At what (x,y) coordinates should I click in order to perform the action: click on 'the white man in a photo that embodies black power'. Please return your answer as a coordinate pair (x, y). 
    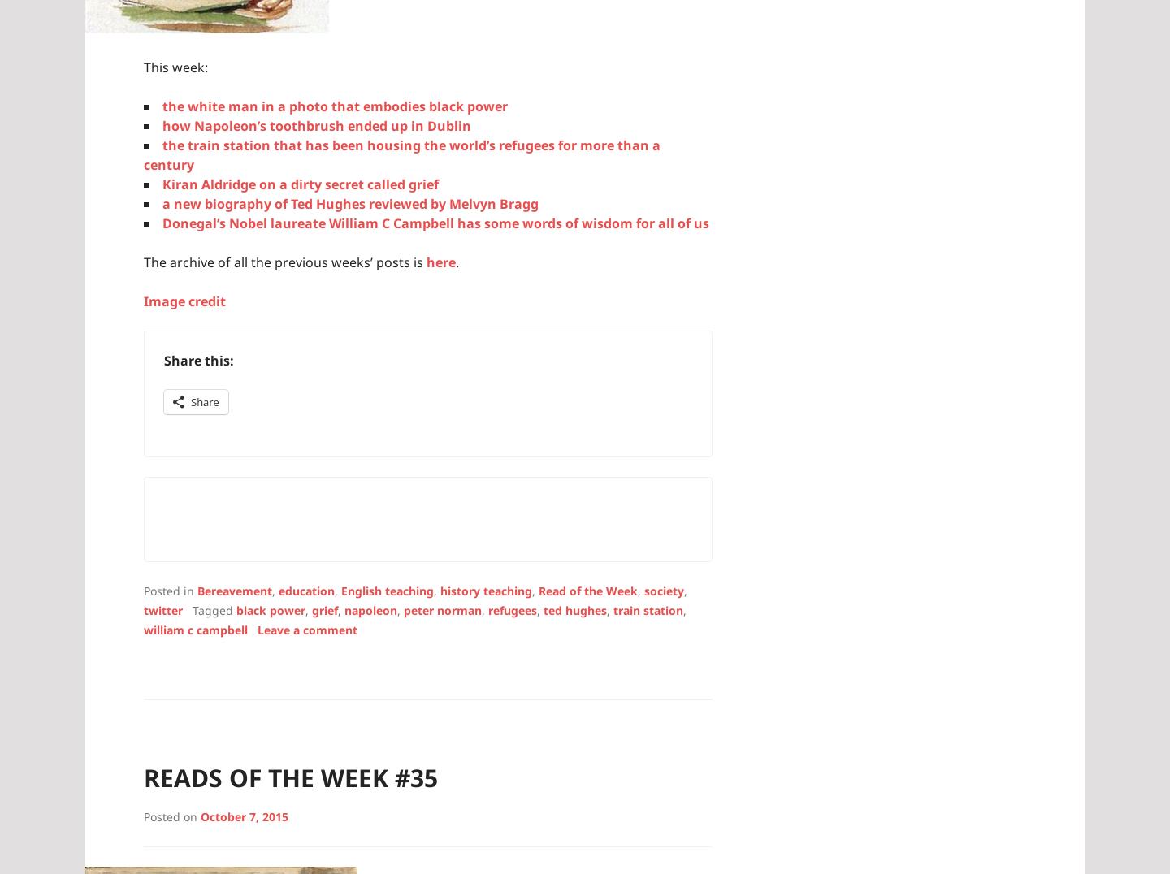
    Looking at the image, I should click on (334, 104).